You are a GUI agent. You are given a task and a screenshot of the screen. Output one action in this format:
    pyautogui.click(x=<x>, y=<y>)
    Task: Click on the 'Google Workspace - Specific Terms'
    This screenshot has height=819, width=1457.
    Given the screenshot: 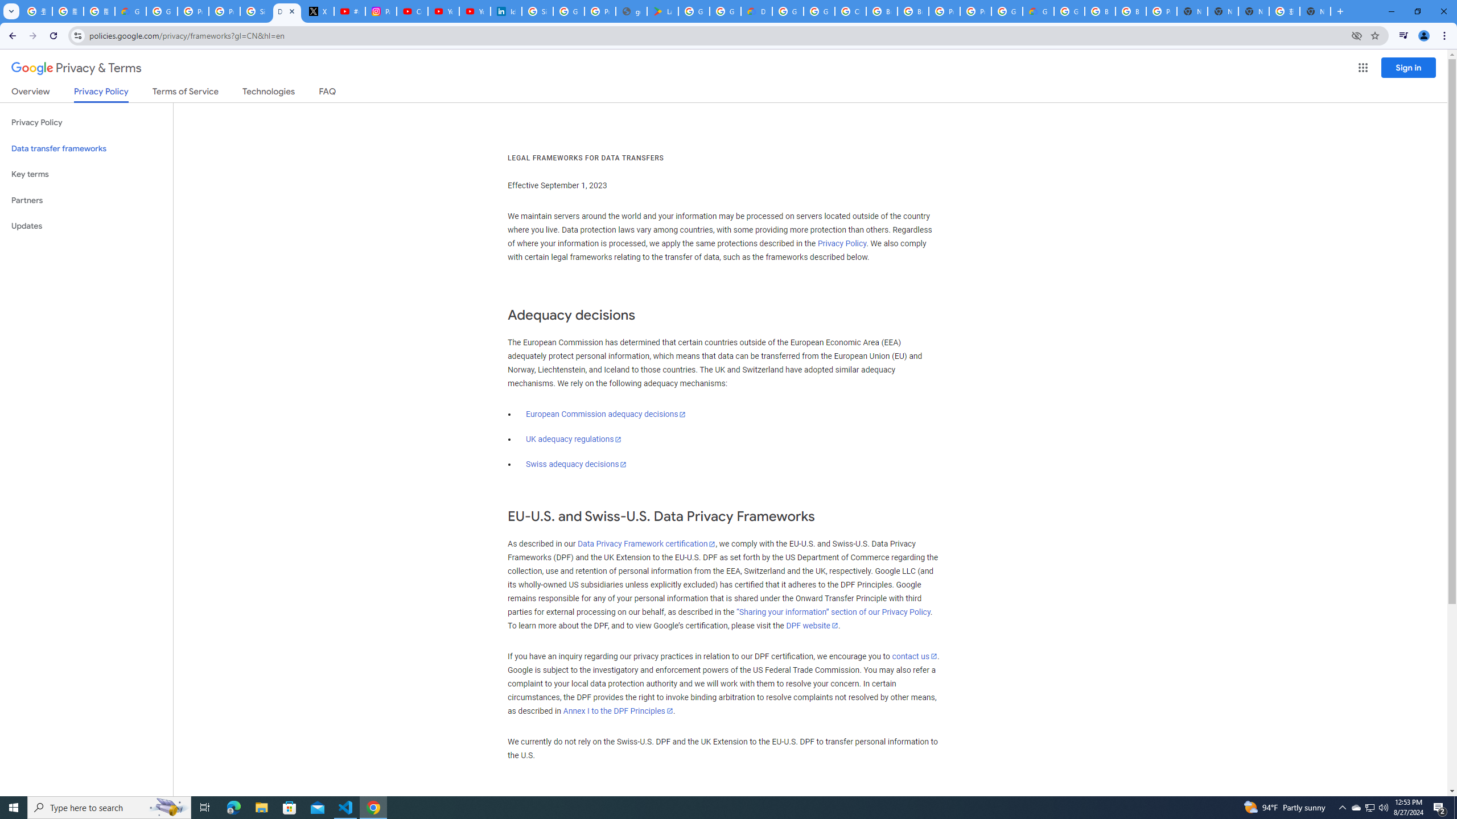 What is the action you would take?
    pyautogui.click(x=725, y=11)
    